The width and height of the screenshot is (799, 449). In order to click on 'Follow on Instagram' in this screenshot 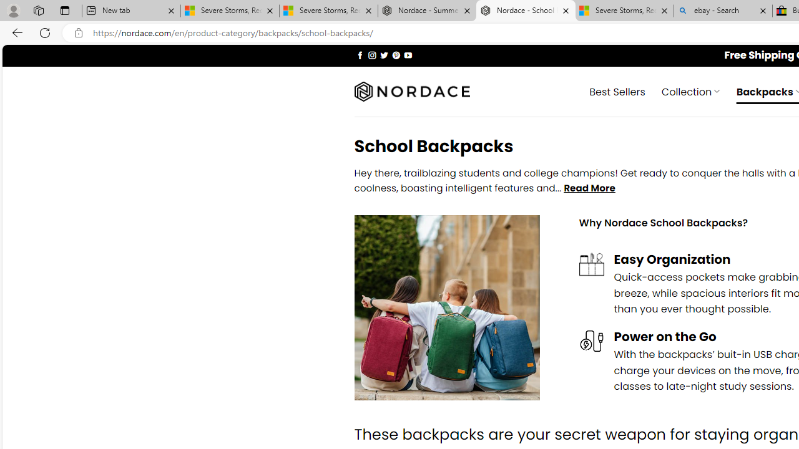, I will do `click(371, 54)`.